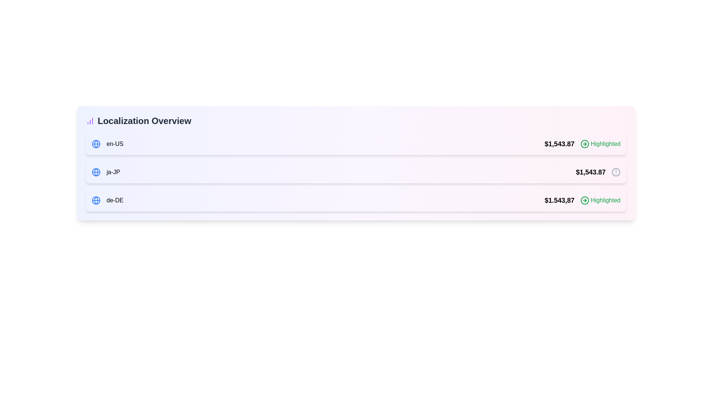 This screenshot has width=713, height=401. I want to click on the informational label indicating the locale or language settings for German (Germany) represented by 'de-DE', which is the third item in a vertically stacked list next to a globe icon, so click(114, 200).